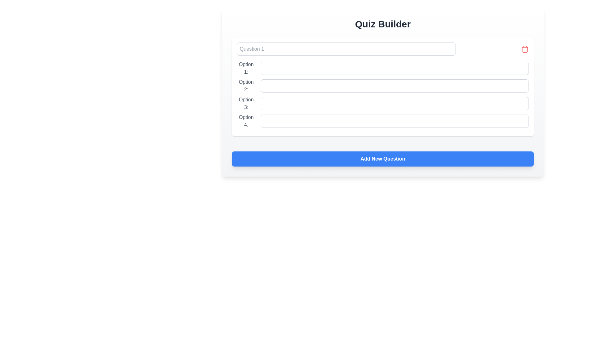 Image resolution: width=604 pixels, height=340 pixels. Describe the element at coordinates (383, 86) in the screenshot. I see `the input field labeled 'Option 2' using keyboard for focus` at that location.